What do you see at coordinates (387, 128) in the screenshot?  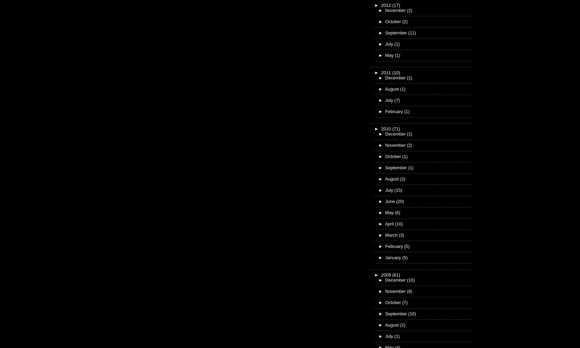 I see `'2010'` at bounding box center [387, 128].